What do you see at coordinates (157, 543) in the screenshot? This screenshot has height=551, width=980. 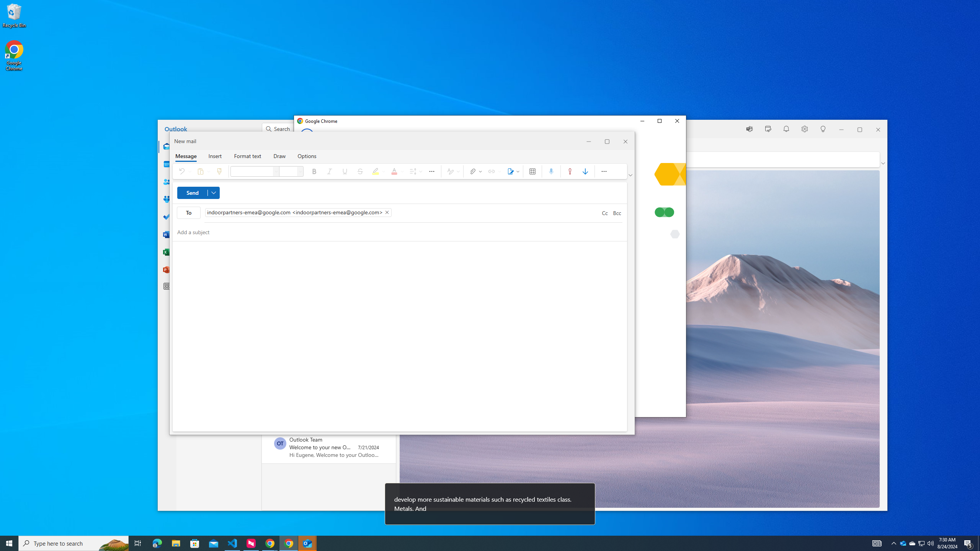 I see `'Microsoft Edge'` at bounding box center [157, 543].